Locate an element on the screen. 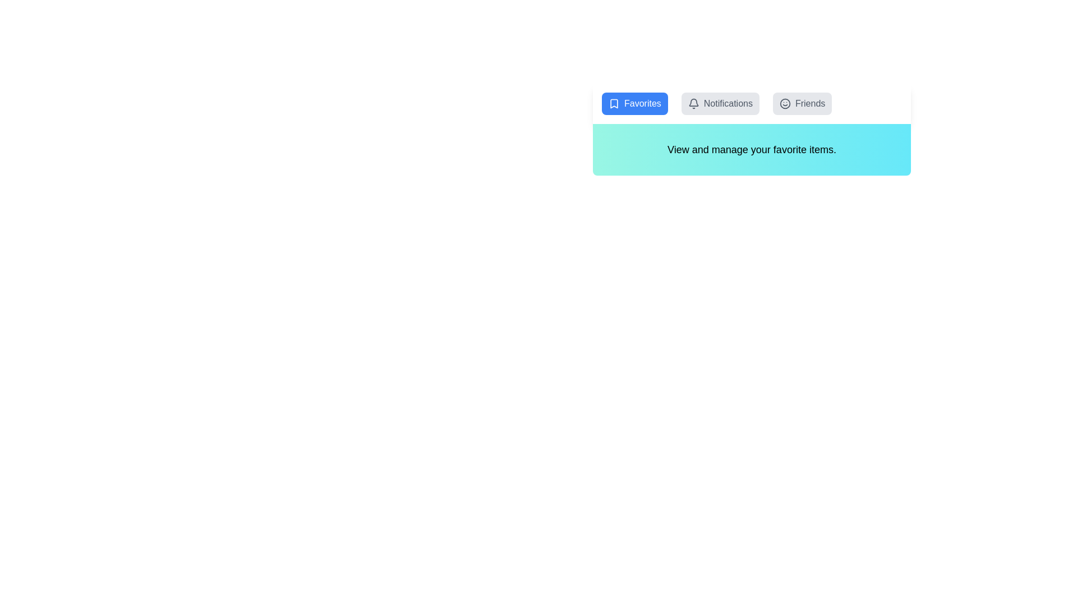 This screenshot has height=606, width=1077. the Favorites tab to observe its hover effect is located at coordinates (634, 104).